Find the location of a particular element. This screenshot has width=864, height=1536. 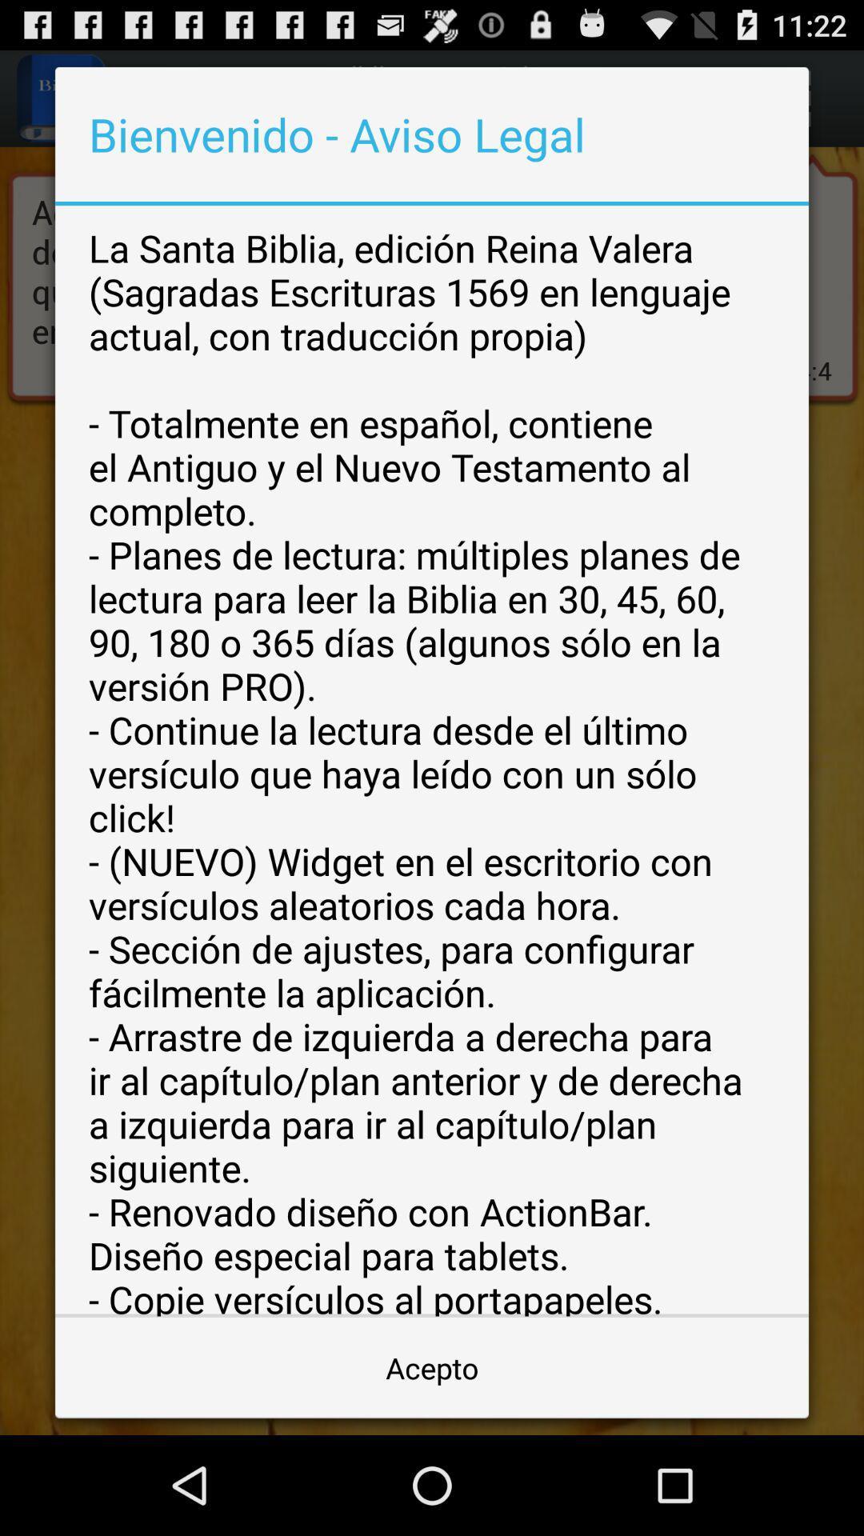

the acepto button is located at coordinates (432, 1366).